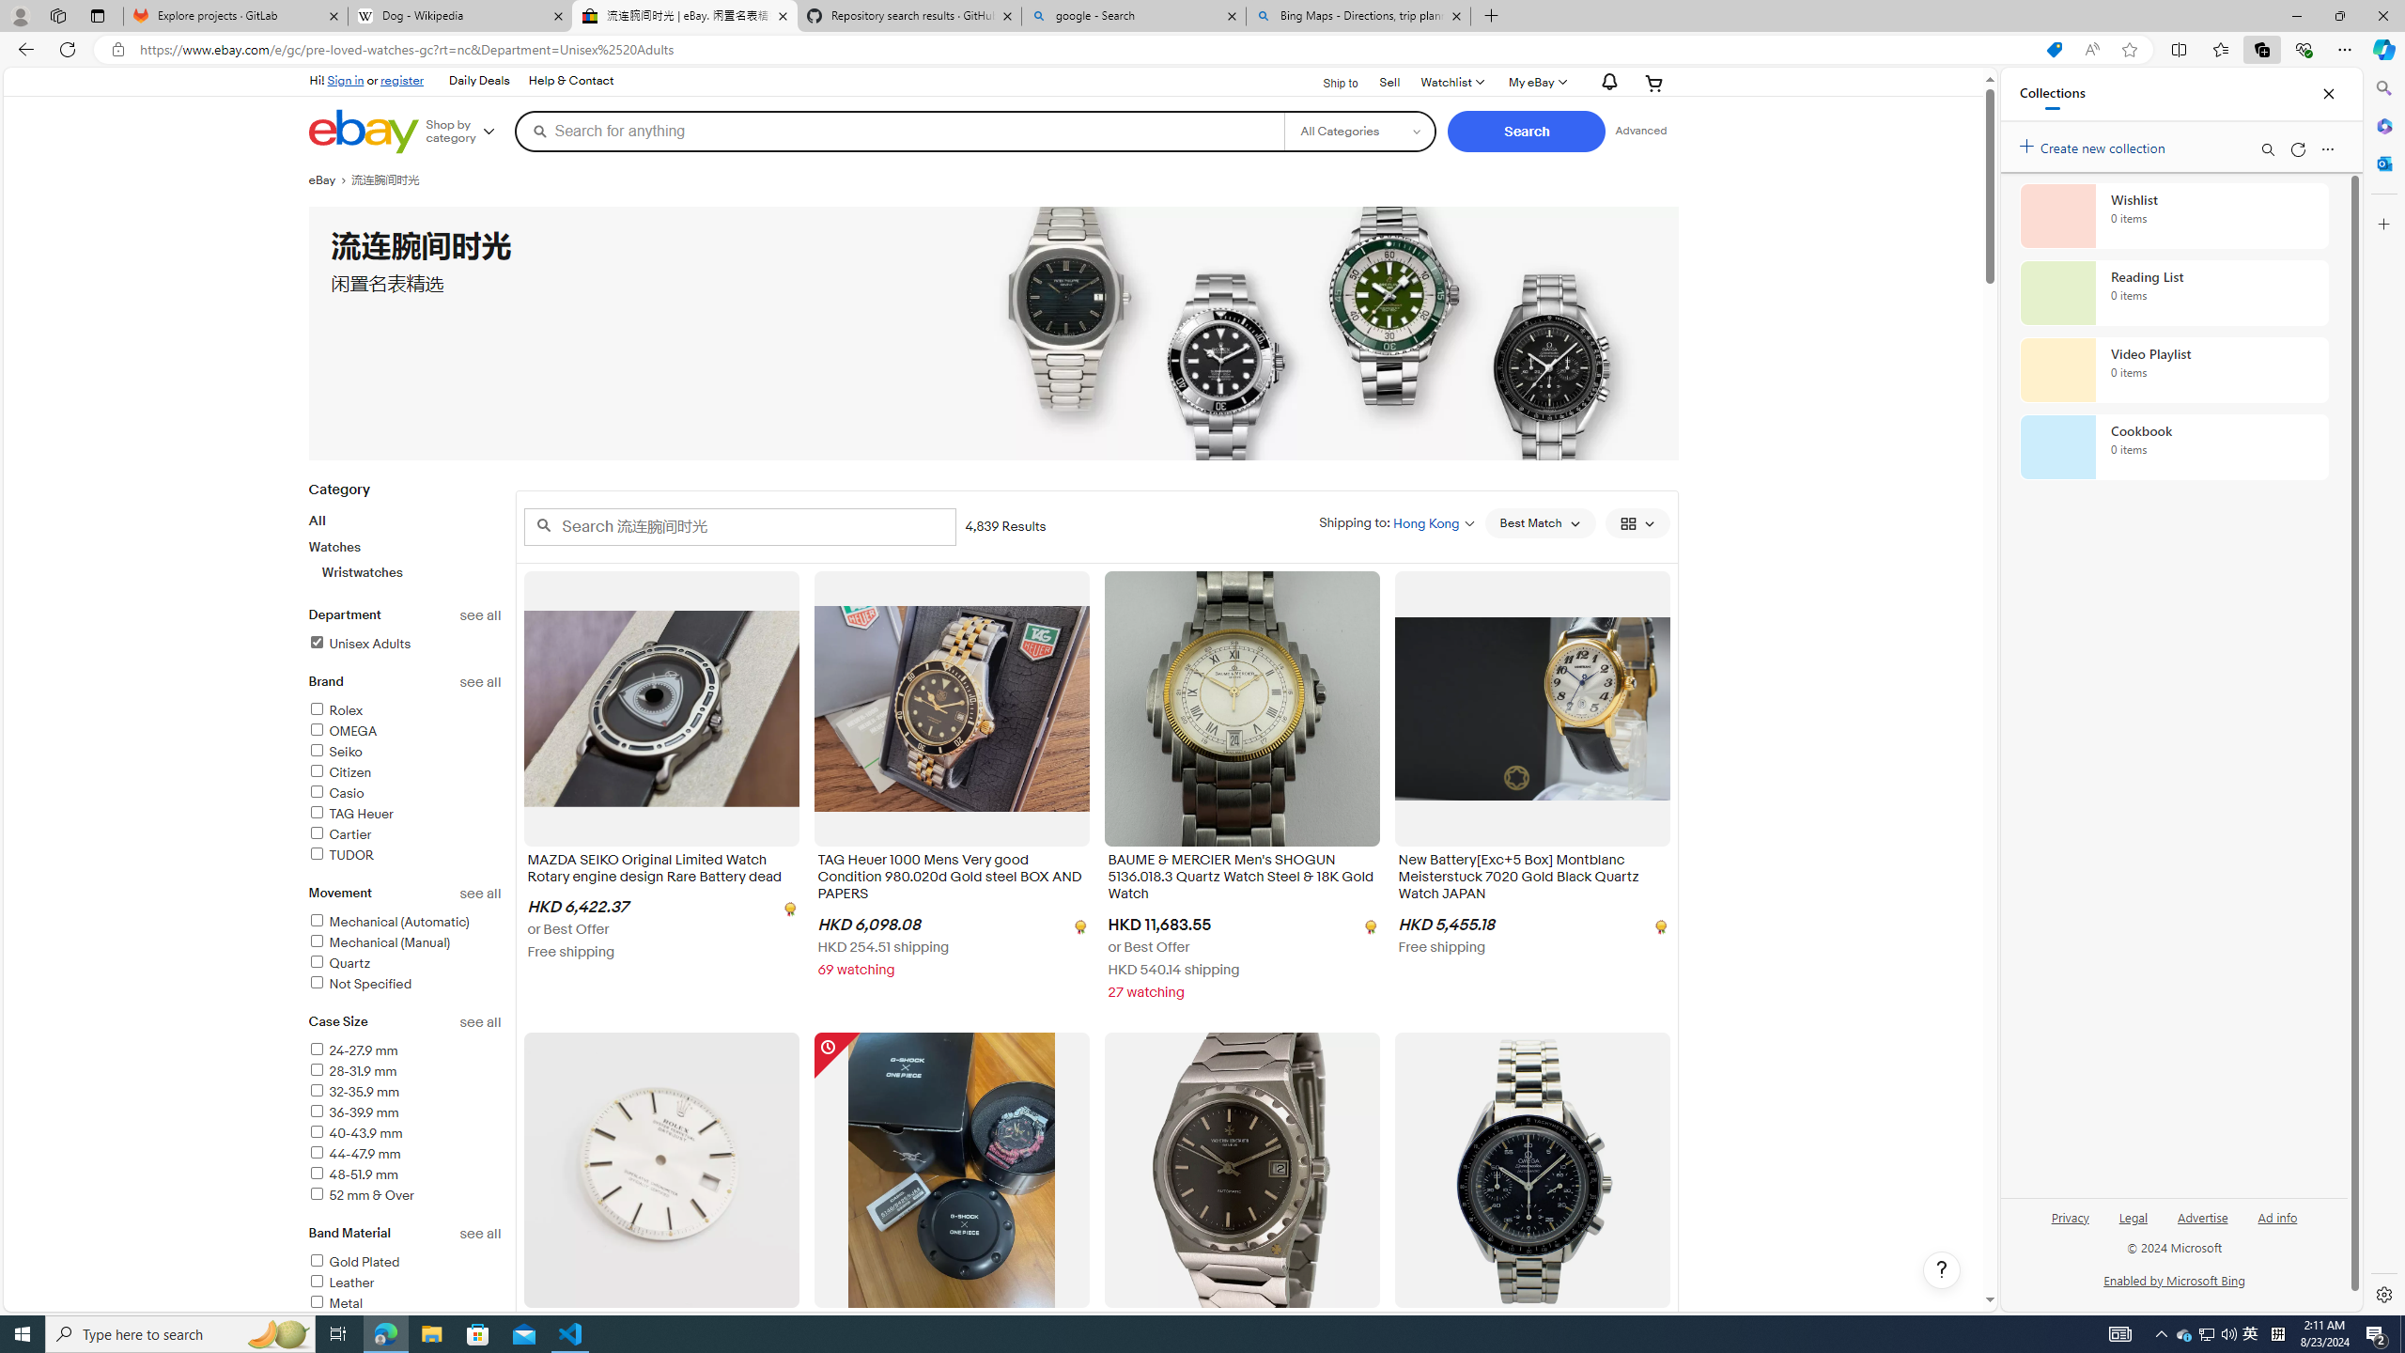  What do you see at coordinates (405, 778) in the screenshot?
I see `'Brandsee allRolexOMEGASeikoCitizenCasioTAG HeuerCartierTUDOR'` at bounding box center [405, 778].